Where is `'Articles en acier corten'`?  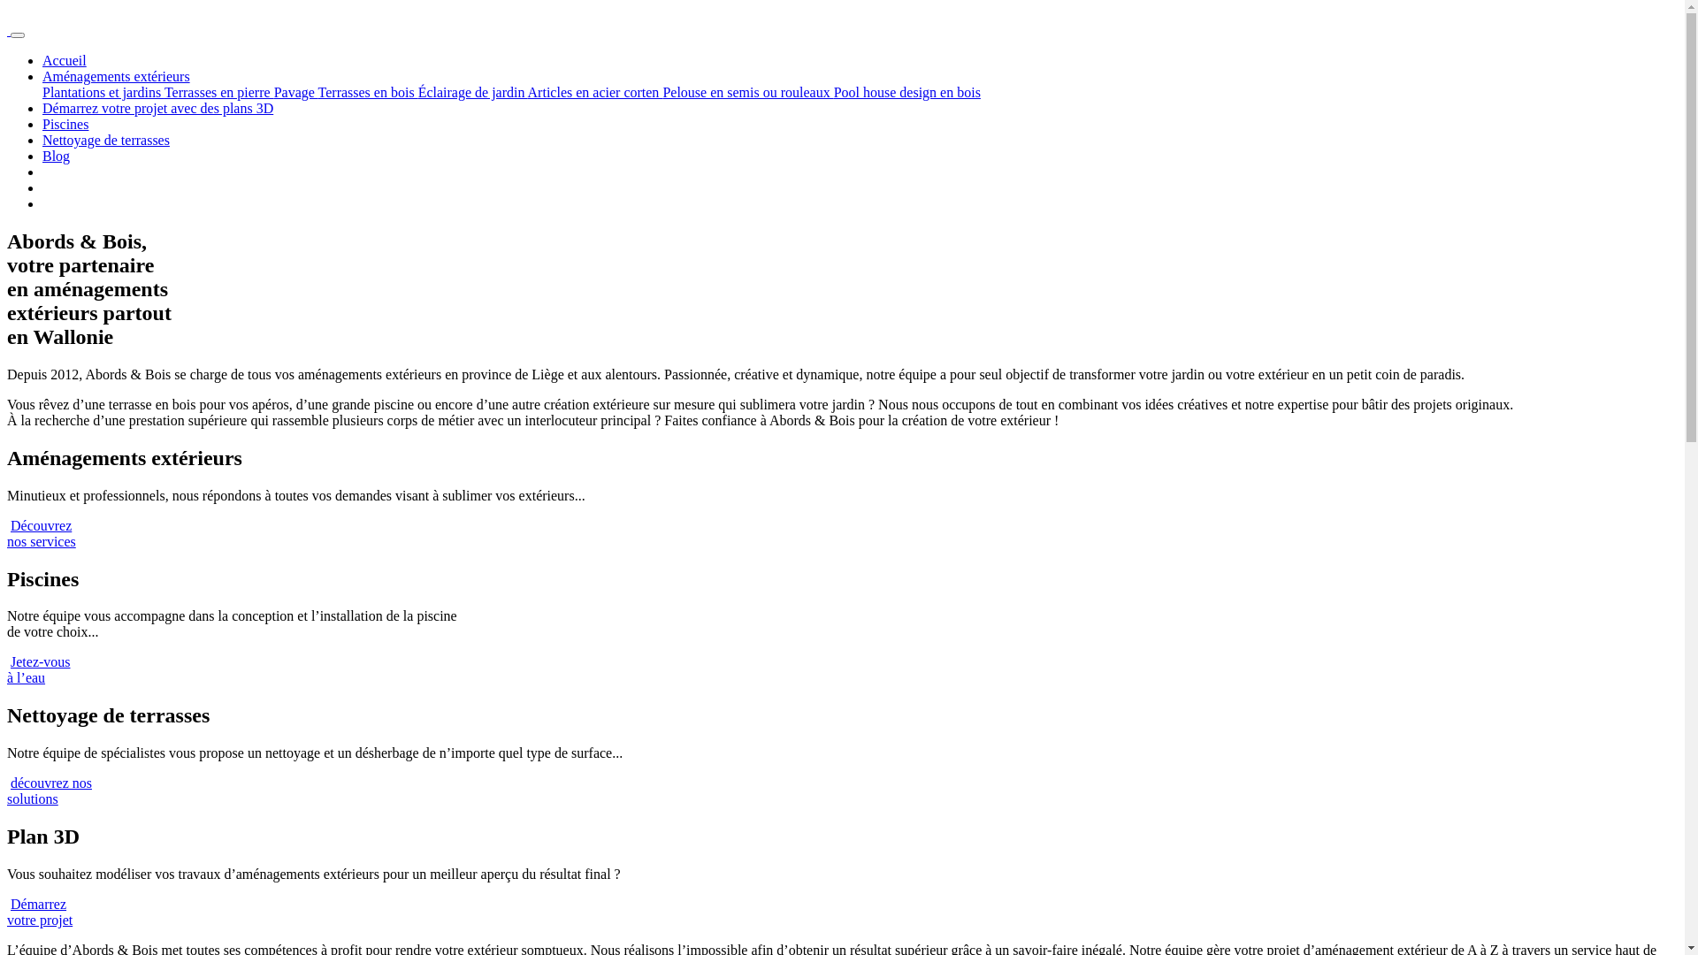 'Articles en acier corten' is located at coordinates (595, 92).